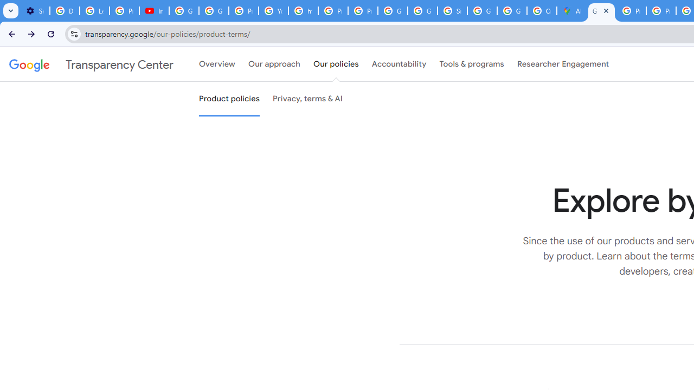 Image resolution: width=694 pixels, height=390 pixels. I want to click on 'Google Account Help', so click(184, 11).